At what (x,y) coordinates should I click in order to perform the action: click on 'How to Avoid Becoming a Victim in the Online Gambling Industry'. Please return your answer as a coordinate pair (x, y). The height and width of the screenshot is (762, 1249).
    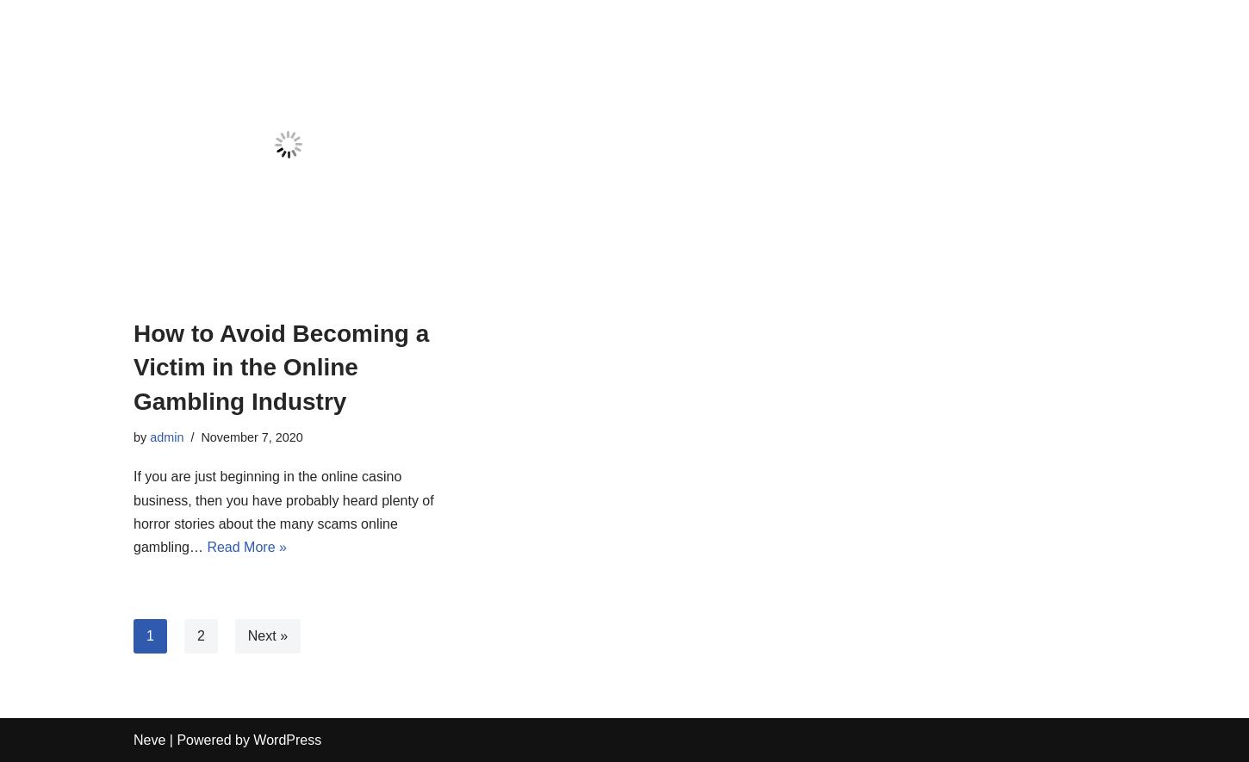
    Looking at the image, I should click on (281, 367).